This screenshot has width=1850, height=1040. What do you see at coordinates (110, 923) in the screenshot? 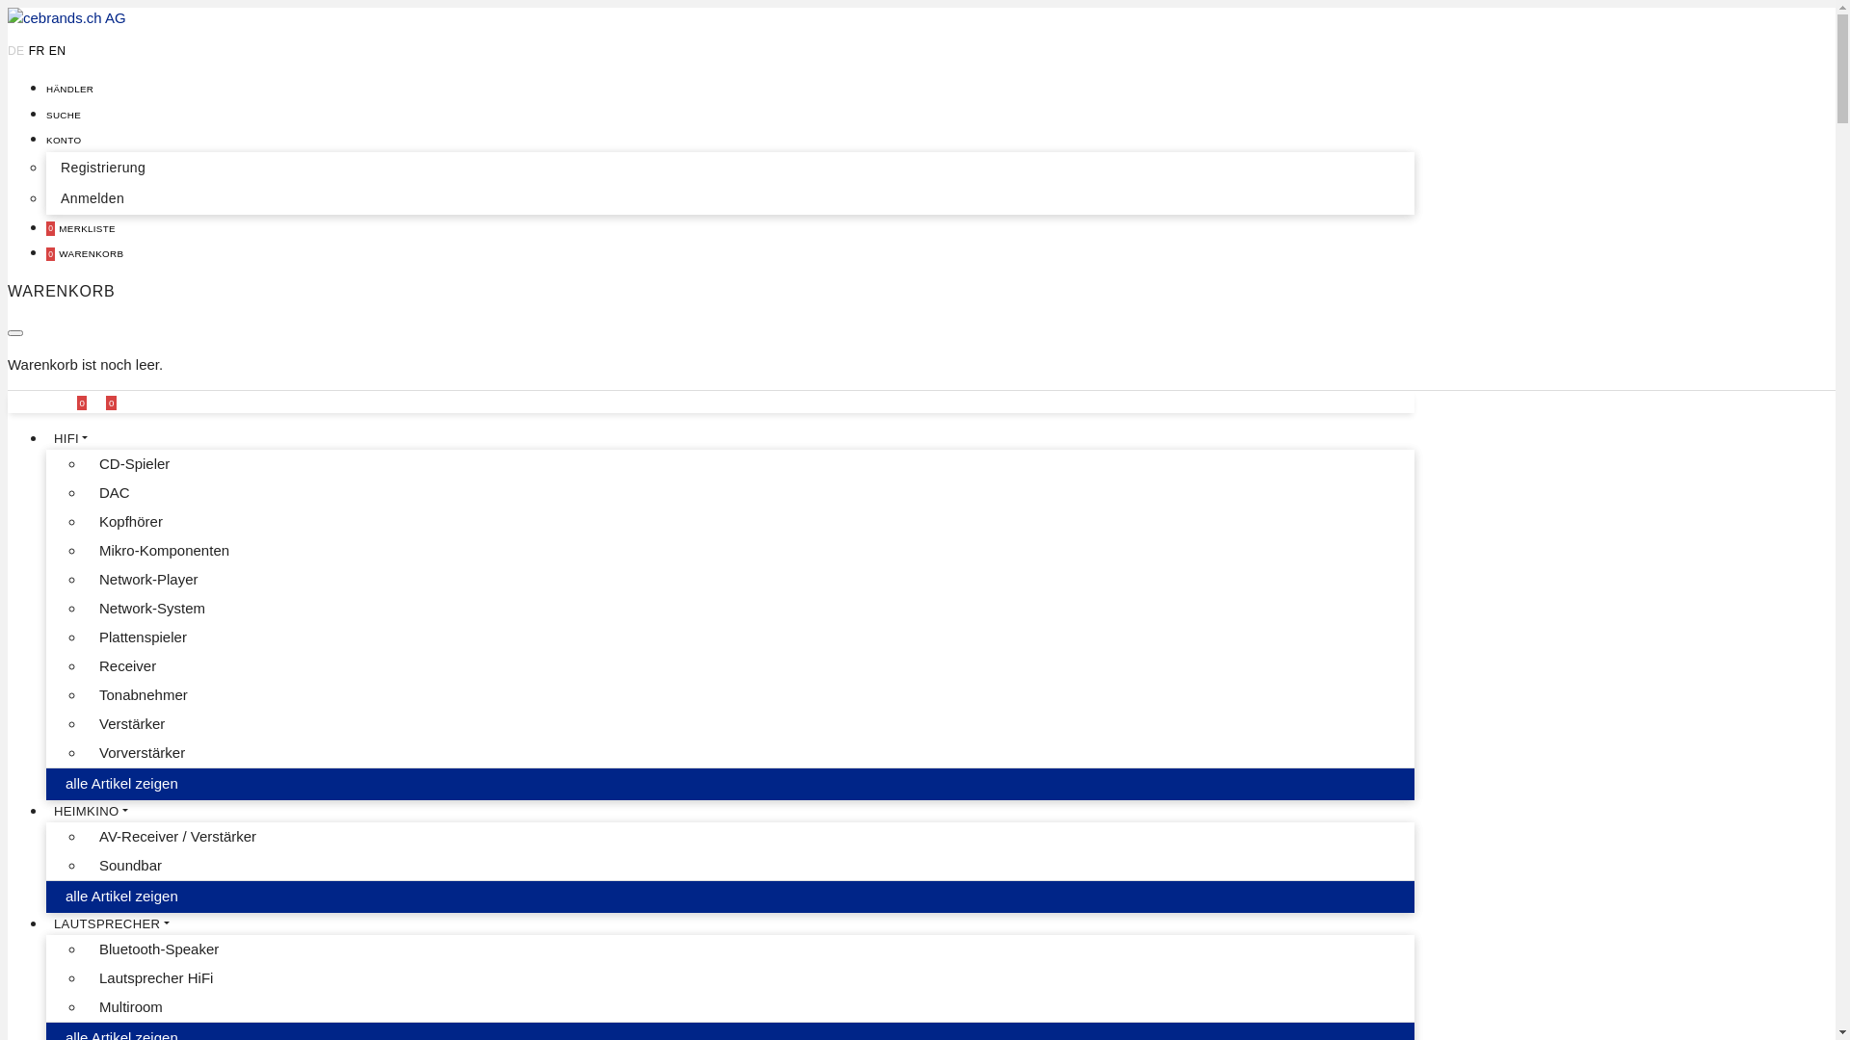
I see `'LAUTSPRECHER'` at bounding box center [110, 923].